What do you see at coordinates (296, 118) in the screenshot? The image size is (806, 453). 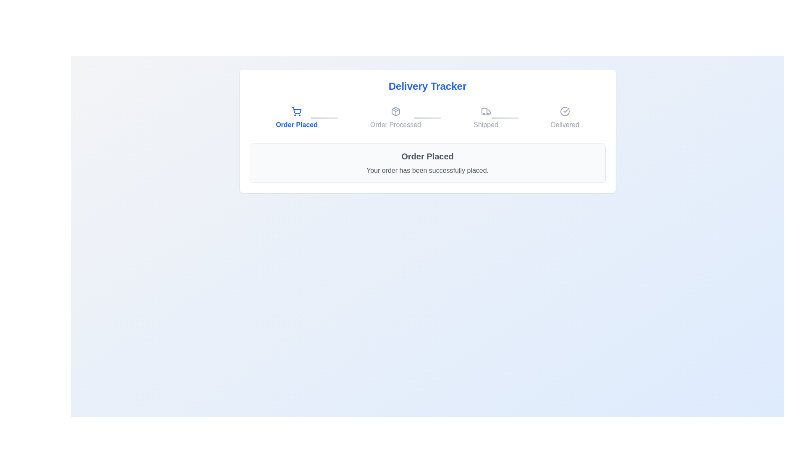 I see `the step icon corresponding to Order Placed to navigate to that step` at bounding box center [296, 118].